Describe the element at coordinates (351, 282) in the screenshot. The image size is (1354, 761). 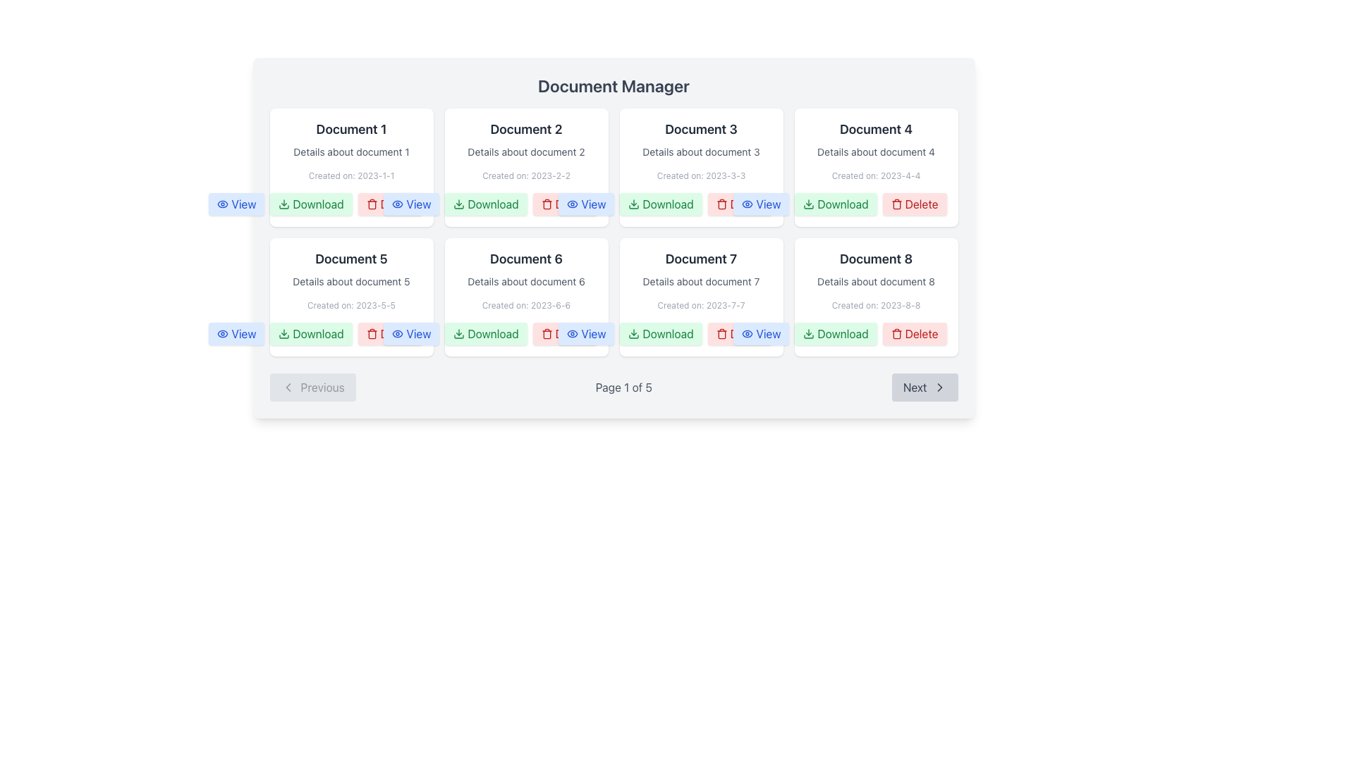
I see `the text label element that displays 'Details about document 5', located below the title 'Document 5' and above the date line 'Created on: 2023-5-5', which is in the left-middle portion of the grid layout` at that location.